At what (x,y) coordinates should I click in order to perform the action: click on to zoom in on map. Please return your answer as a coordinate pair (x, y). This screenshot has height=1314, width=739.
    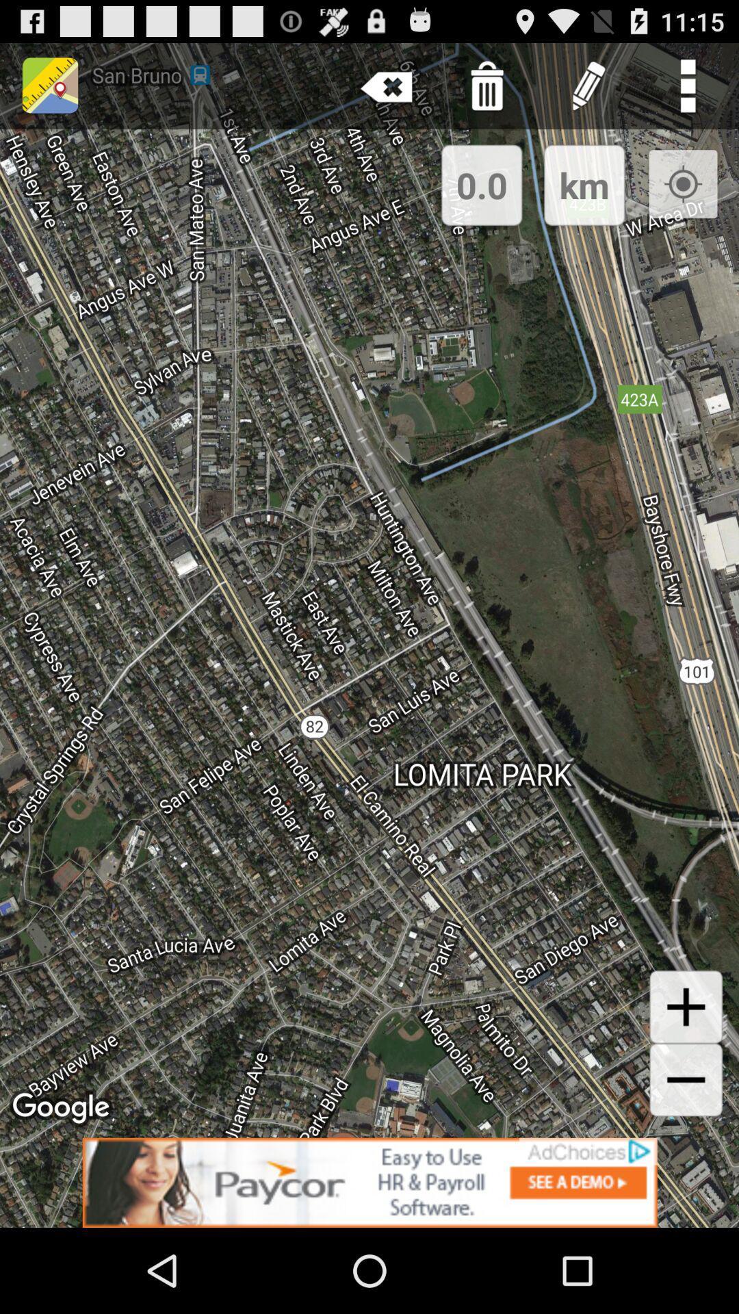
    Looking at the image, I should click on (686, 1007).